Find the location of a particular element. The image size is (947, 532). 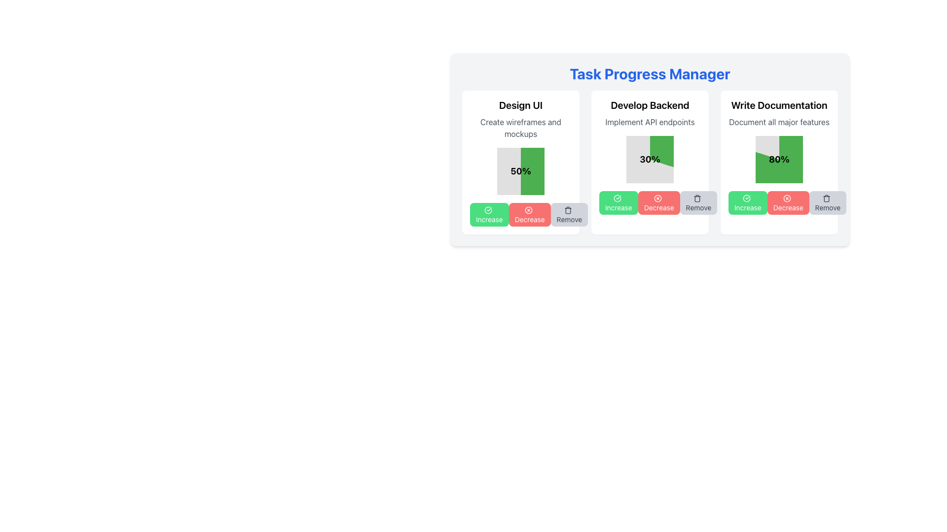

the trash bin icon located to the left of the 'Remove' label within the 'Remove' button in the 'Develop Backend' panel of the 'Task Progress Manager' interface is located at coordinates (697, 199).